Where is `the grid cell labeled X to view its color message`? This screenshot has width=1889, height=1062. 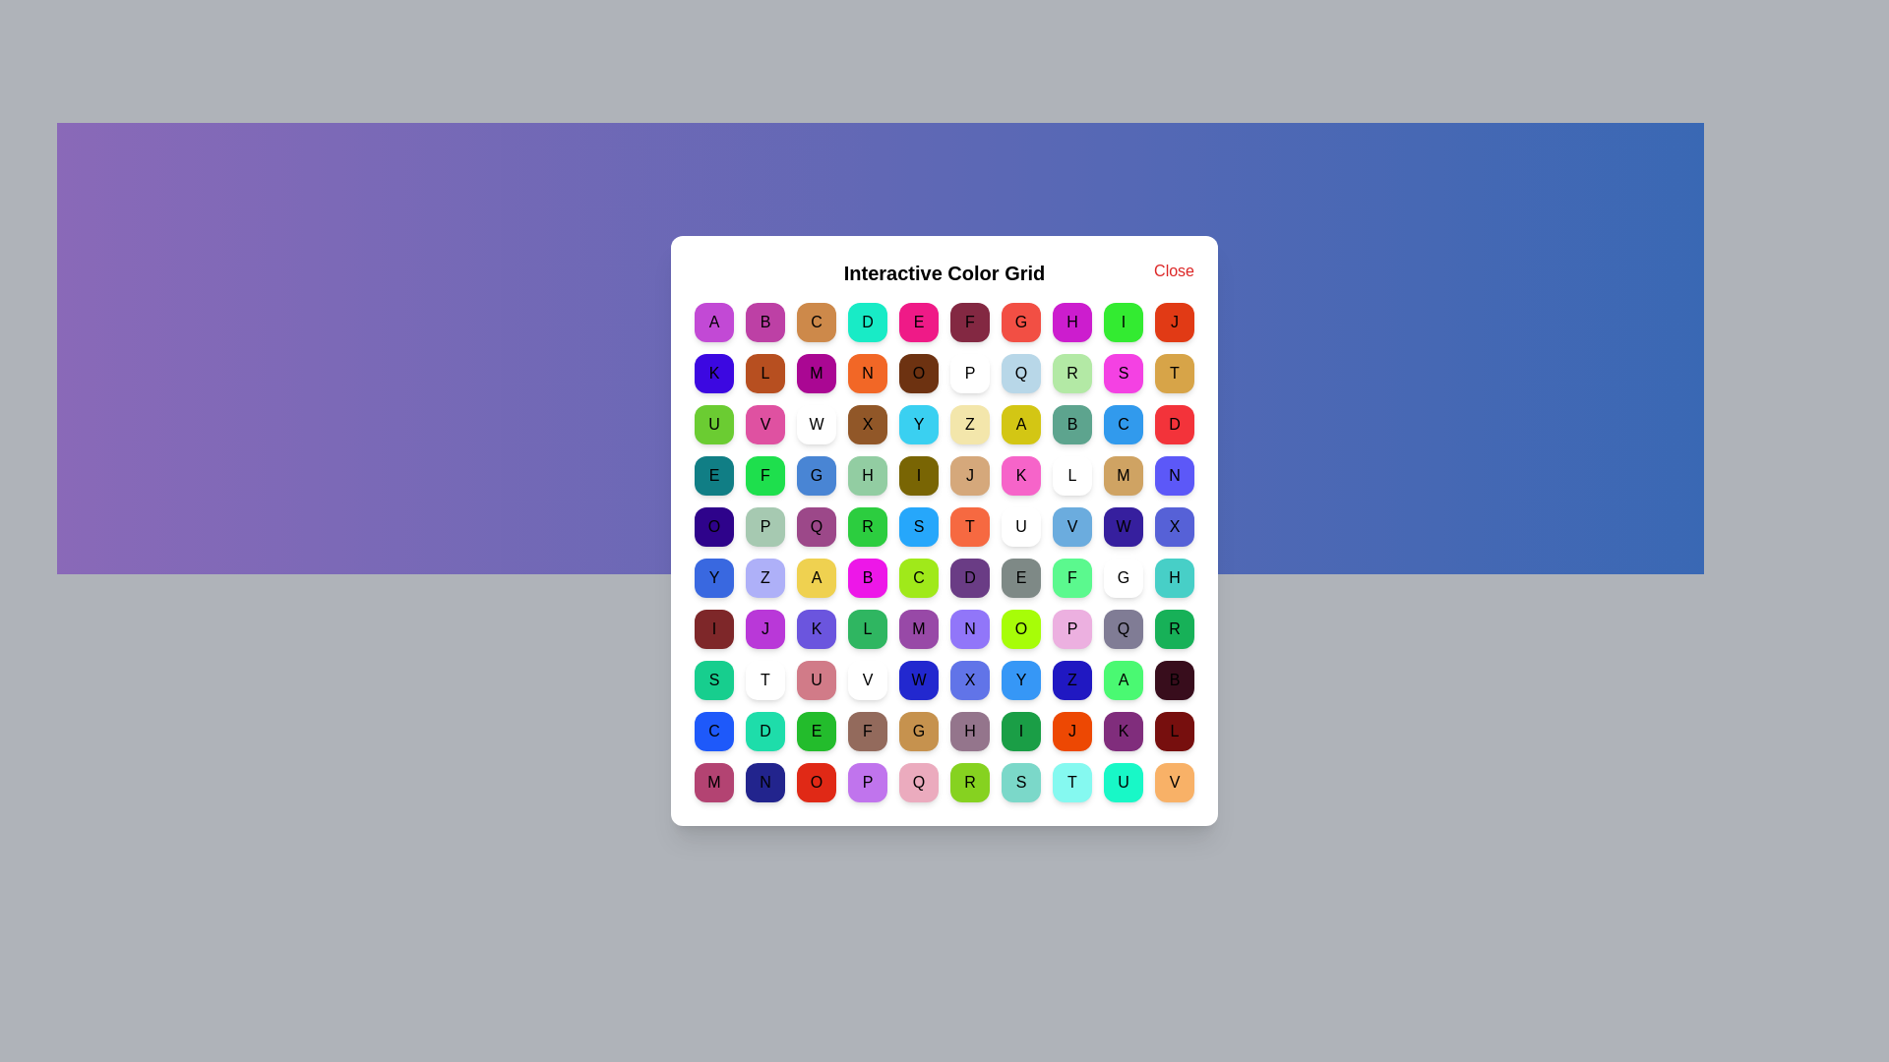
the grid cell labeled X to view its color message is located at coordinates (867, 424).